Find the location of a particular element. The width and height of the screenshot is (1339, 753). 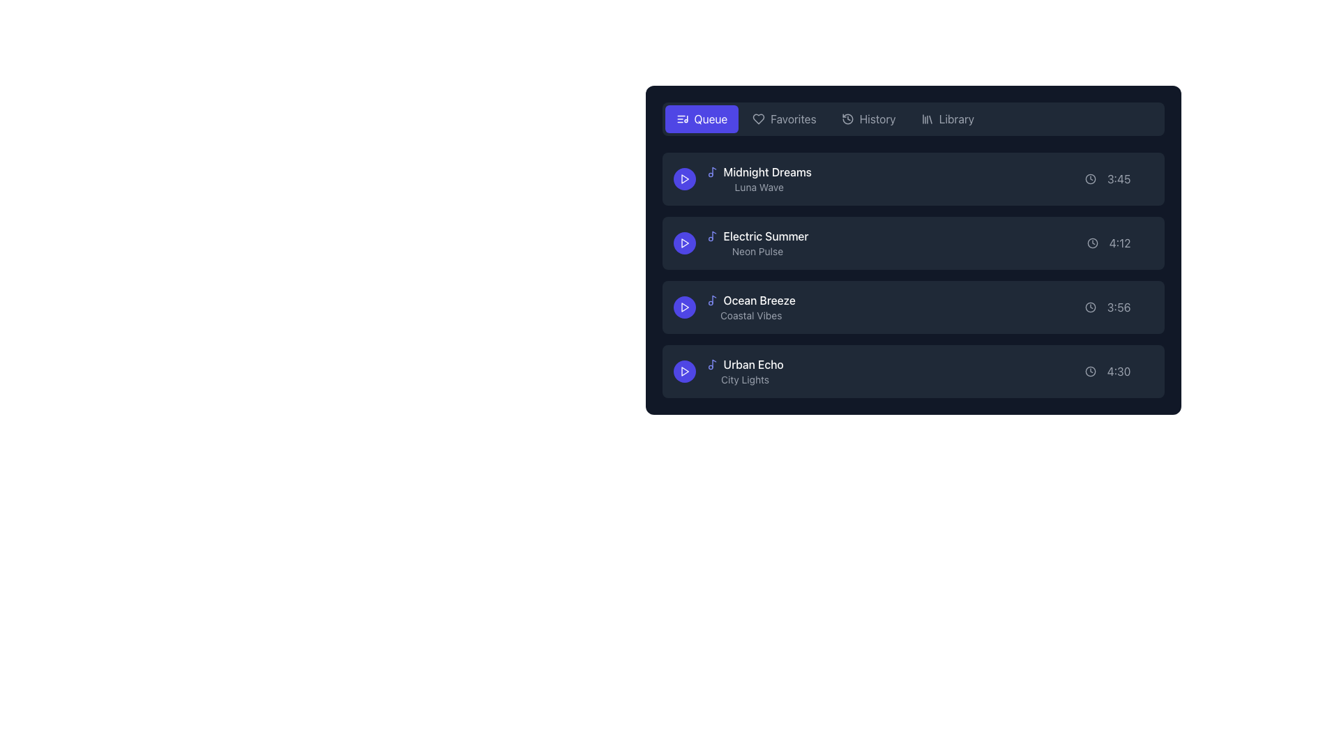

the text label displaying the duration '3:45', which is styled in gray and located on the right side of a list item showing track information is located at coordinates (1119, 178).